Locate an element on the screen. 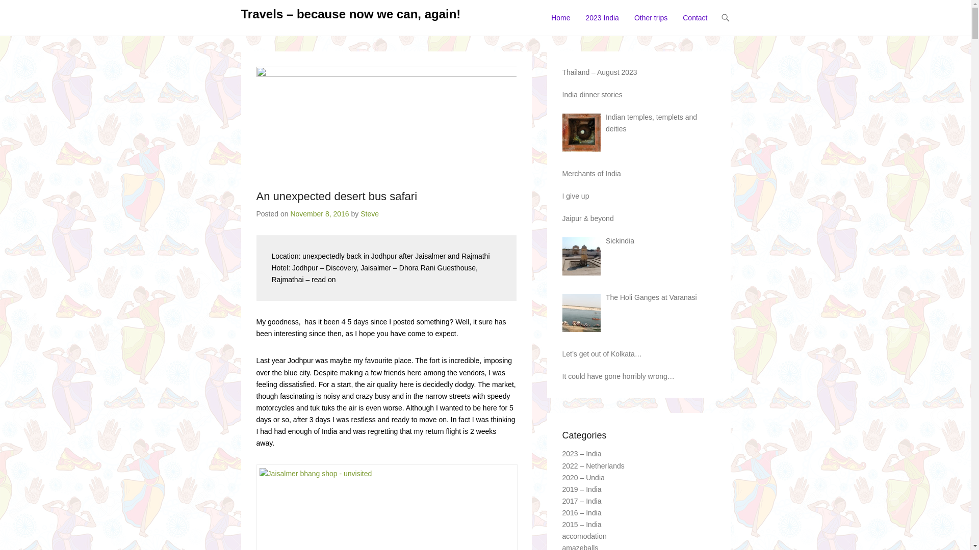 This screenshot has height=550, width=979. 'Steve' is located at coordinates (369, 213).